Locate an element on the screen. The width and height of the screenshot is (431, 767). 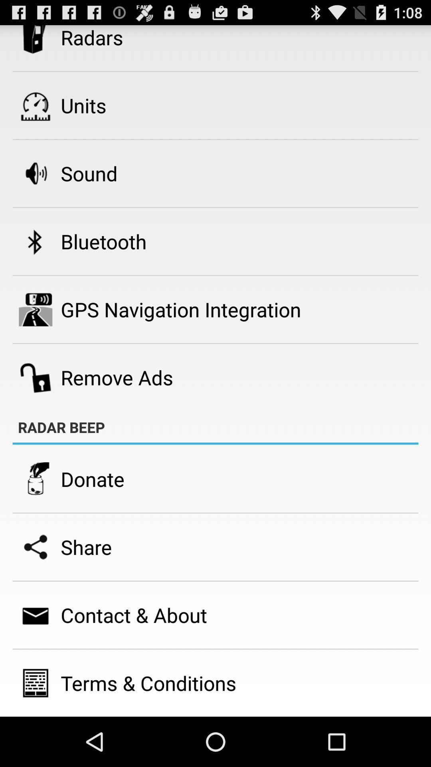
the icon beside units is located at coordinates (35, 105).